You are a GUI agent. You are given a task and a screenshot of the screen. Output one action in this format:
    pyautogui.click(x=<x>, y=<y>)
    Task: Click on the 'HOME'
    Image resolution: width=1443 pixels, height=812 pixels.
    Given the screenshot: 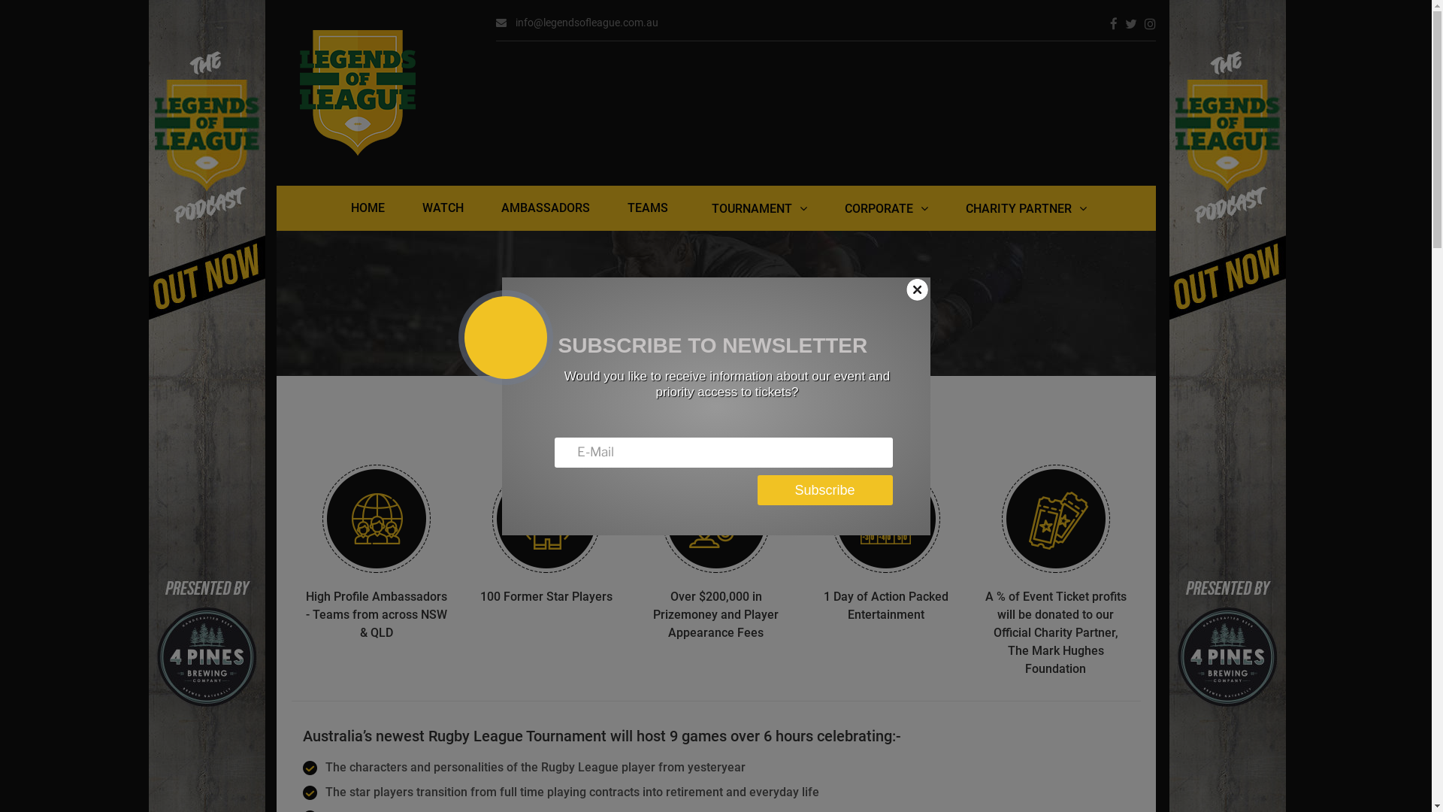 What is the action you would take?
    pyautogui.click(x=331, y=208)
    